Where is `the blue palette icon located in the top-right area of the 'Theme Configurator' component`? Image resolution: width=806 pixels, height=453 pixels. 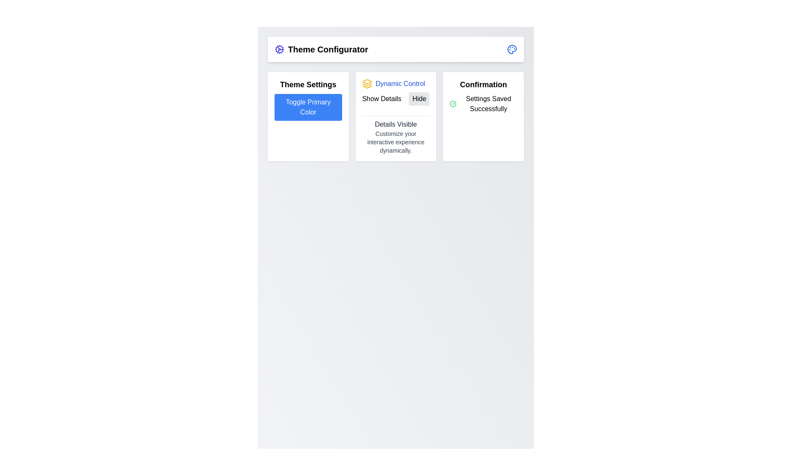 the blue palette icon located in the top-right area of the 'Theme Configurator' component is located at coordinates (511, 49).